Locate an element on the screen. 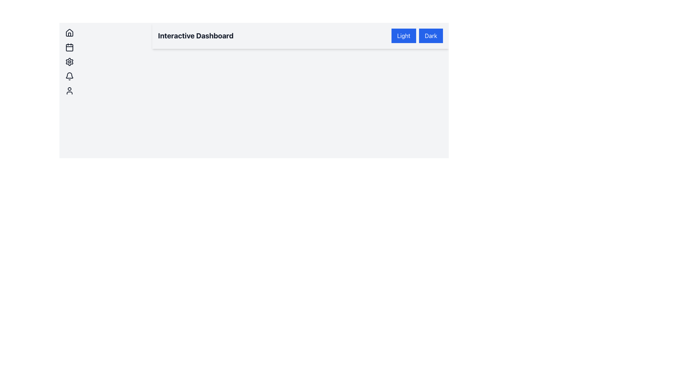 The image size is (696, 391). the settings icon, which is a gear-shaped icon with a solid black outline, positioned as the third icon in a vertical list on the left side panel of the interface is located at coordinates (70, 61).